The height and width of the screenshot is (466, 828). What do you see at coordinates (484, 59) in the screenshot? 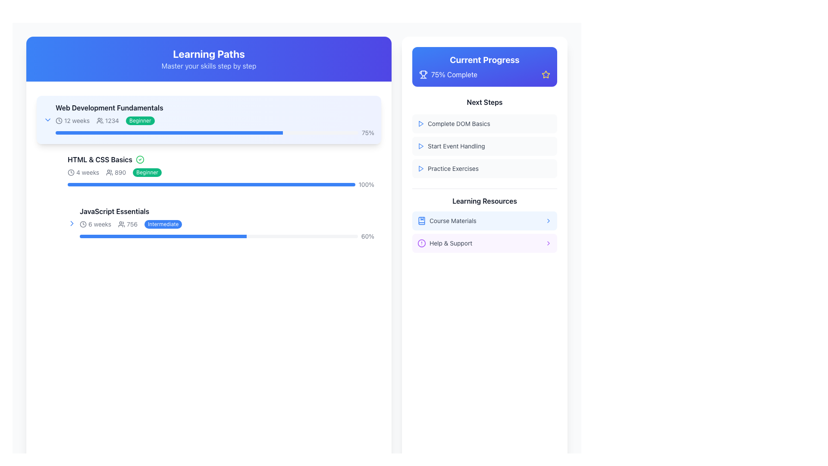
I see `the static text element labeled 'Current Progress', which is styled in bold white font on a gradient blue to indigo background at the top of the progress information card` at bounding box center [484, 59].